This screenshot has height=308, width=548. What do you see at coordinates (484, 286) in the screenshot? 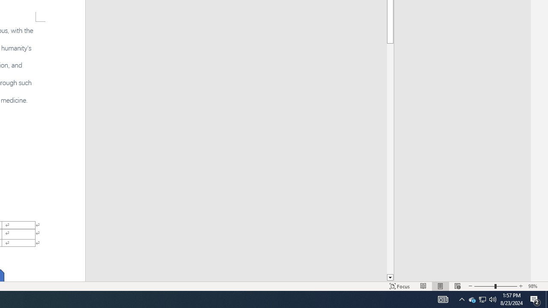
I see `'Zoom Out'` at bounding box center [484, 286].